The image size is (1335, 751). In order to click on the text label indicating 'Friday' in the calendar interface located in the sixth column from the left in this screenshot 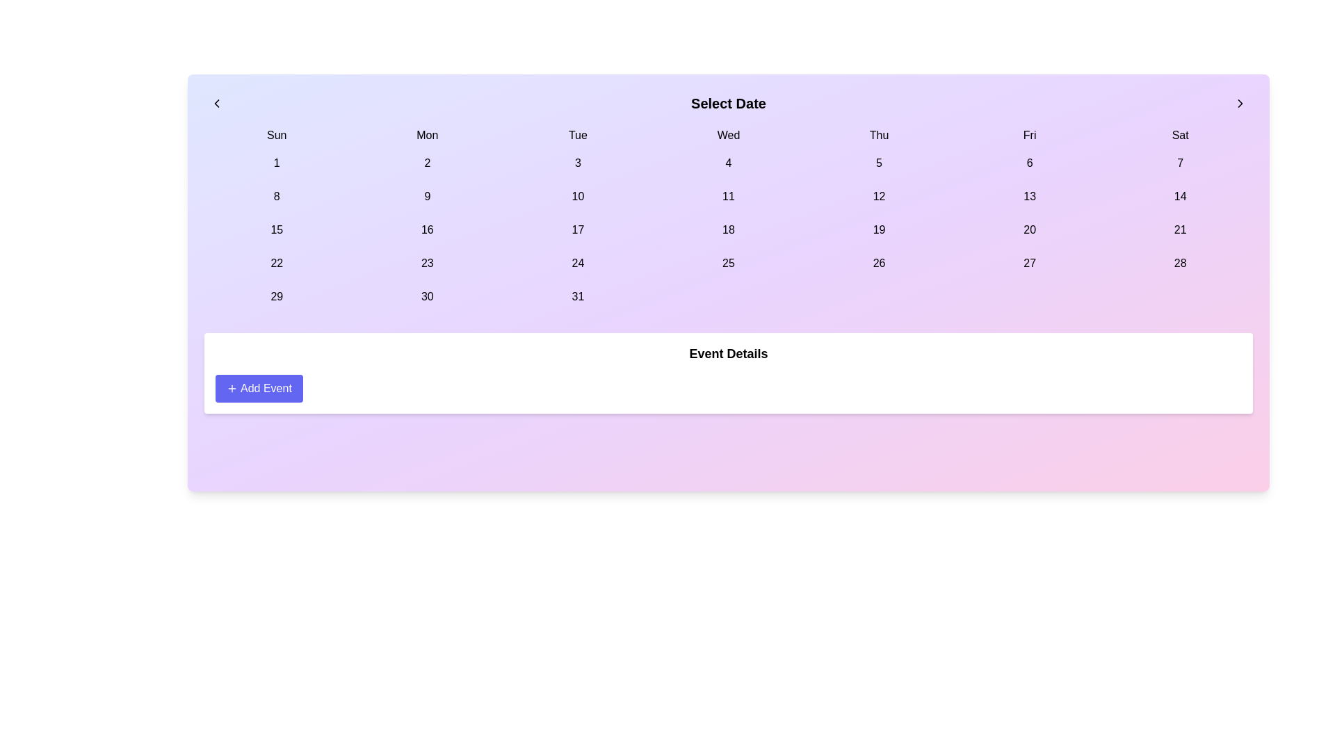, I will do `click(1030, 136)`.